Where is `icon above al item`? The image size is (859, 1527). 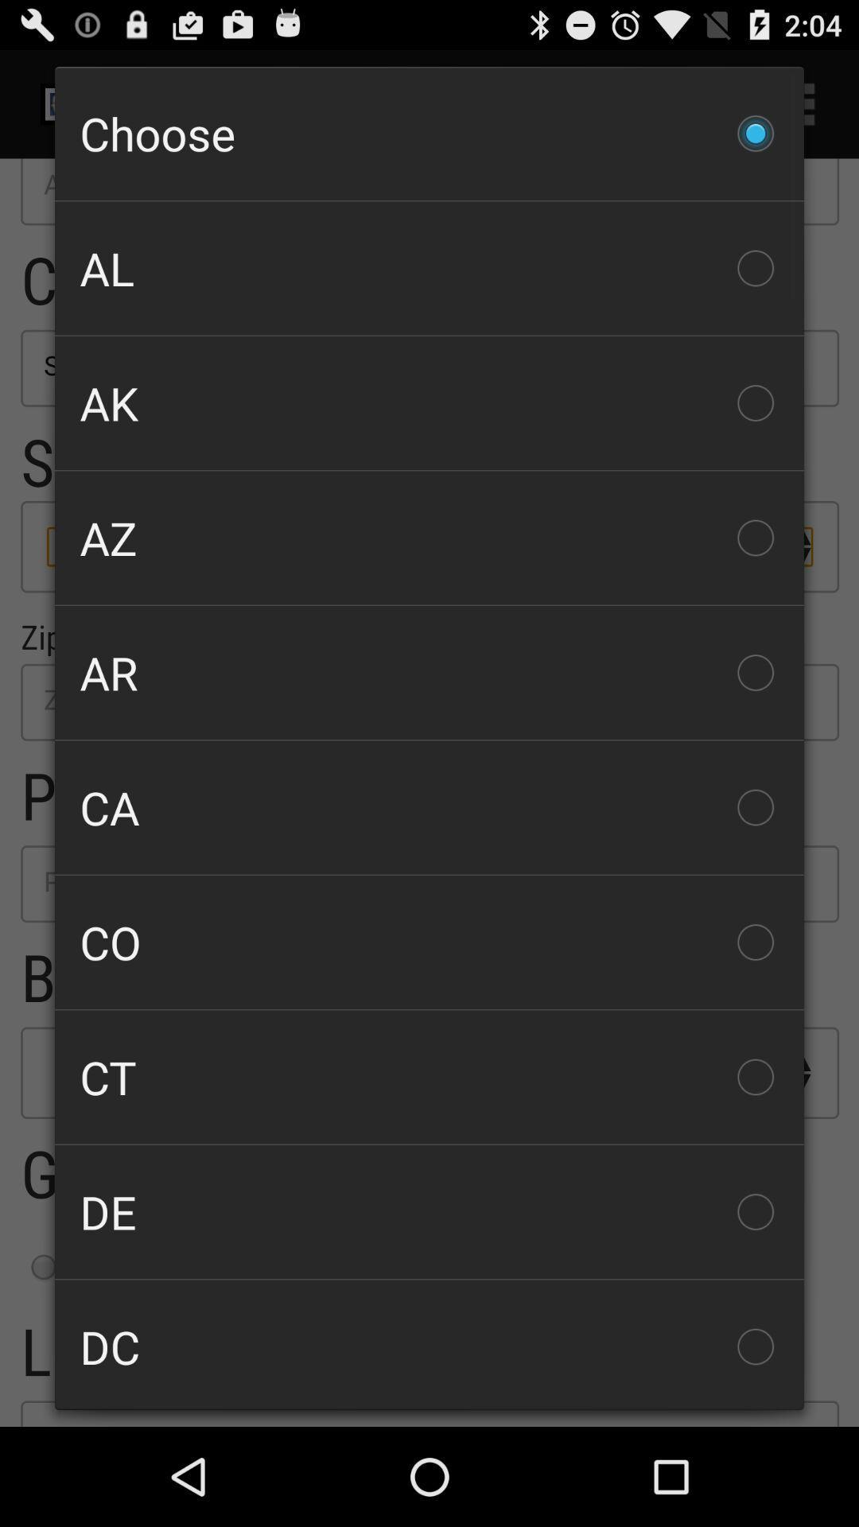 icon above al item is located at coordinates (429, 134).